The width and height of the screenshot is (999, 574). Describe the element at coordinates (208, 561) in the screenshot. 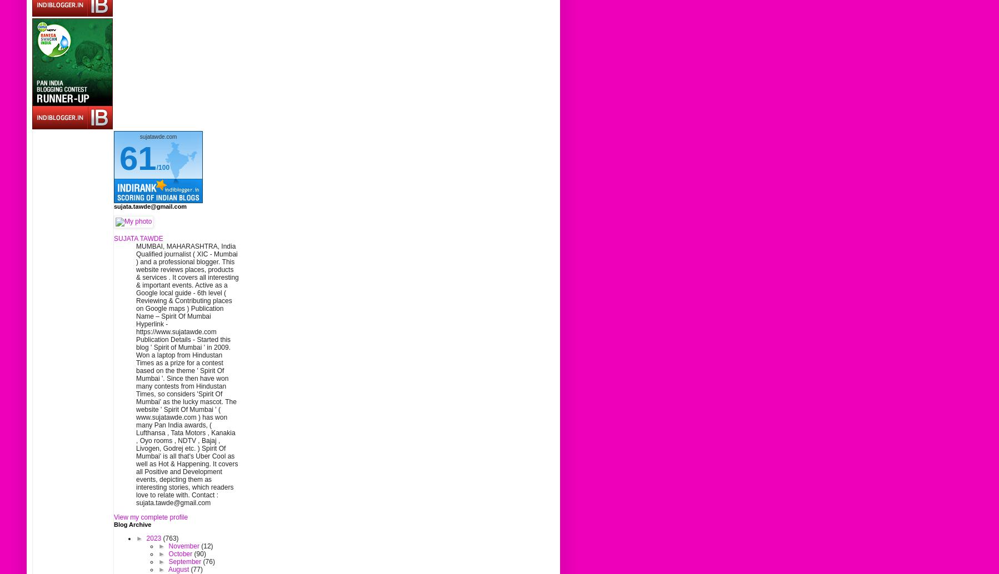

I see `'(76)'` at that location.